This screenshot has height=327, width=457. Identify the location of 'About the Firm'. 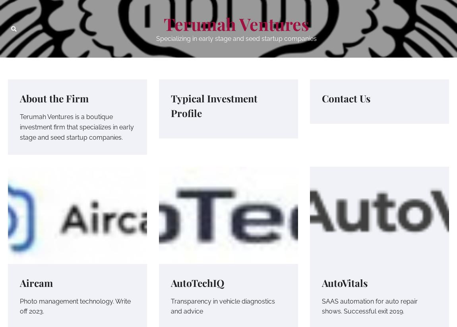
(54, 98).